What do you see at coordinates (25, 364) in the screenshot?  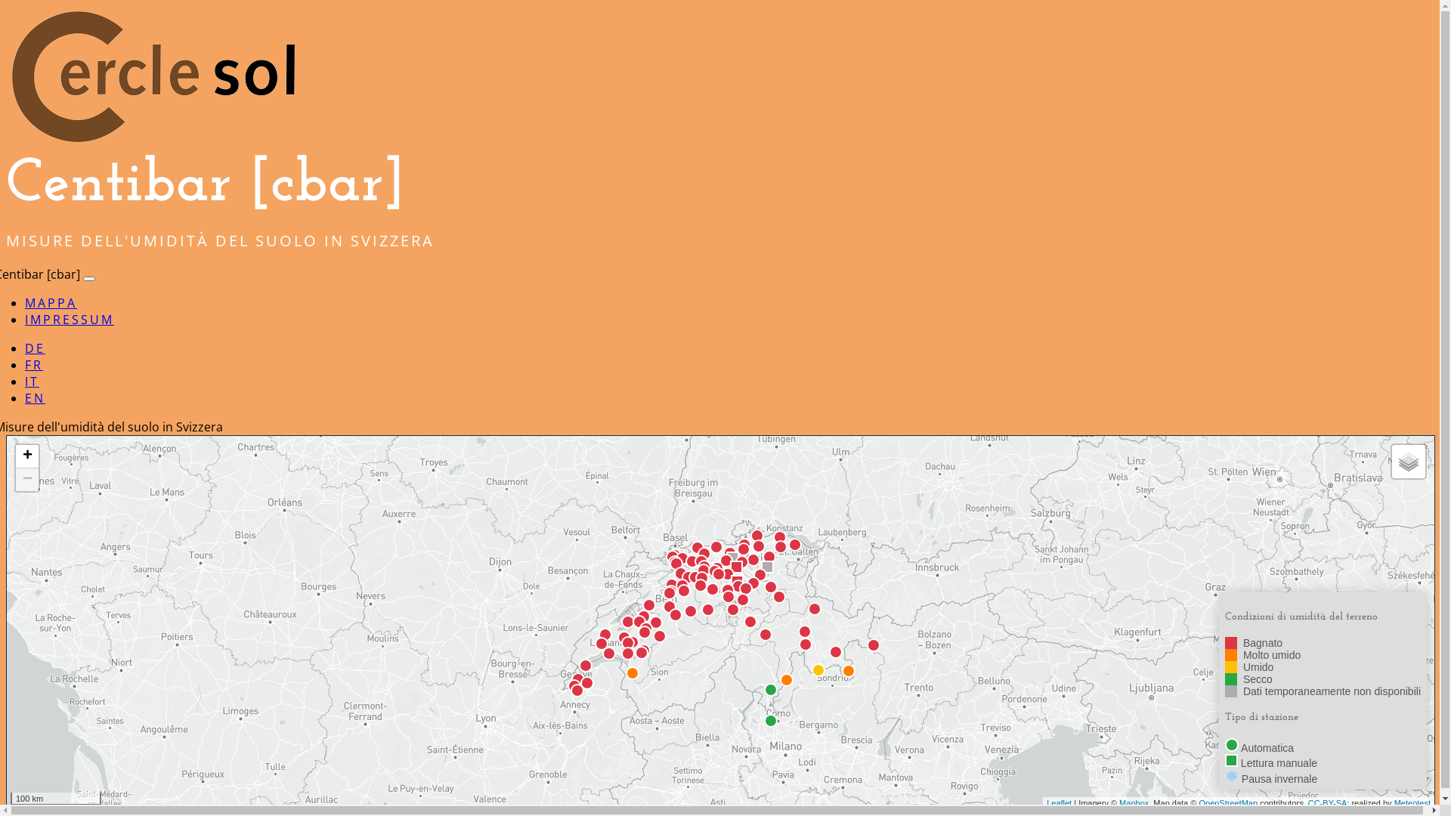 I see `'FR'` at bounding box center [25, 364].